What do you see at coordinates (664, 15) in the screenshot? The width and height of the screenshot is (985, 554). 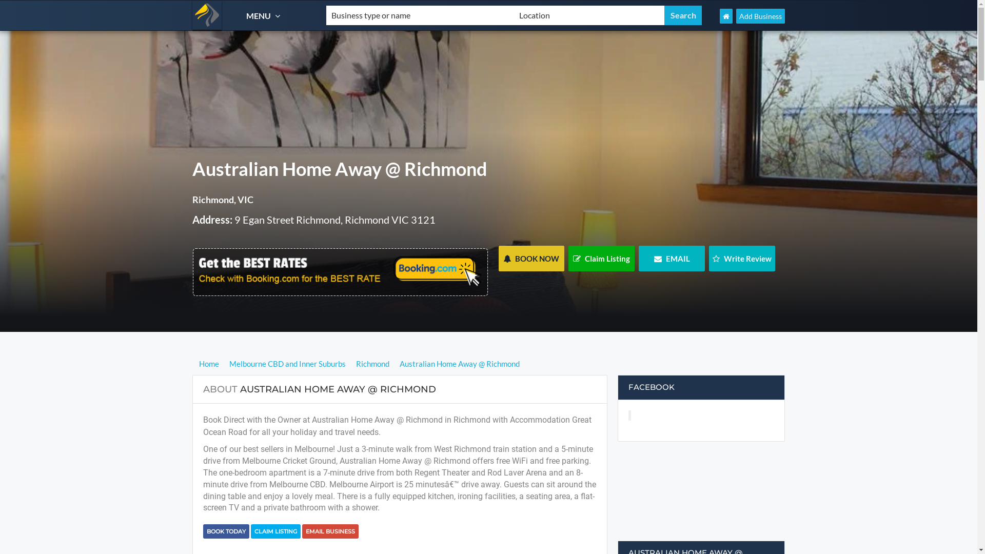 I see `'Search'` at bounding box center [664, 15].